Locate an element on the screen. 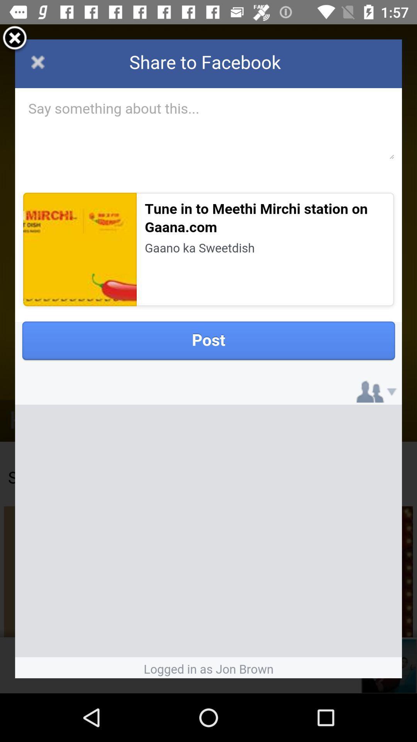  share to facebook post is located at coordinates (208, 358).